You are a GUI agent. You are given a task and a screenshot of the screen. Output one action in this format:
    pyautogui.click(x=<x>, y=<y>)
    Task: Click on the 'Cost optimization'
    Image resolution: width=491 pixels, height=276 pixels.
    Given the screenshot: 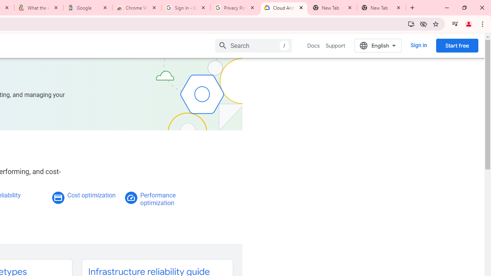 What is the action you would take?
    pyautogui.click(x=91, y=195)
    